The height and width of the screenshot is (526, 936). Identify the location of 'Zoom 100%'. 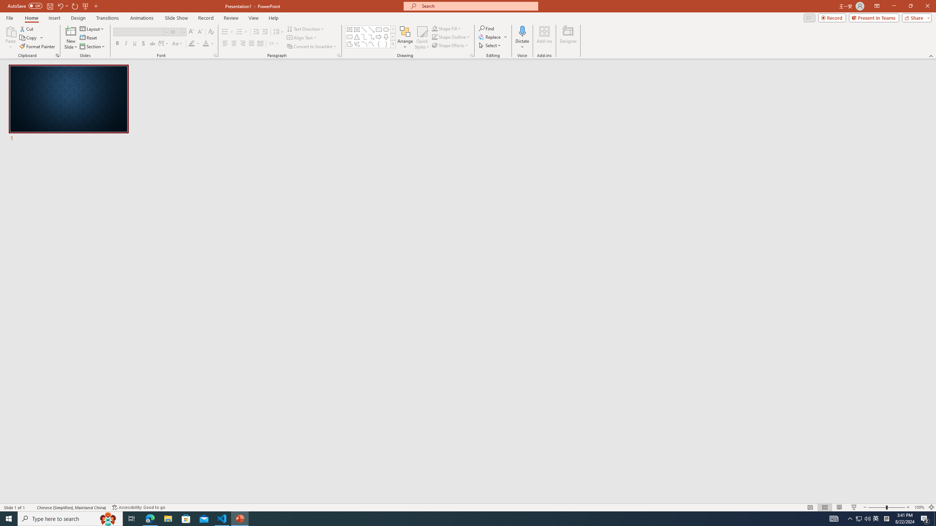
(920, 507).